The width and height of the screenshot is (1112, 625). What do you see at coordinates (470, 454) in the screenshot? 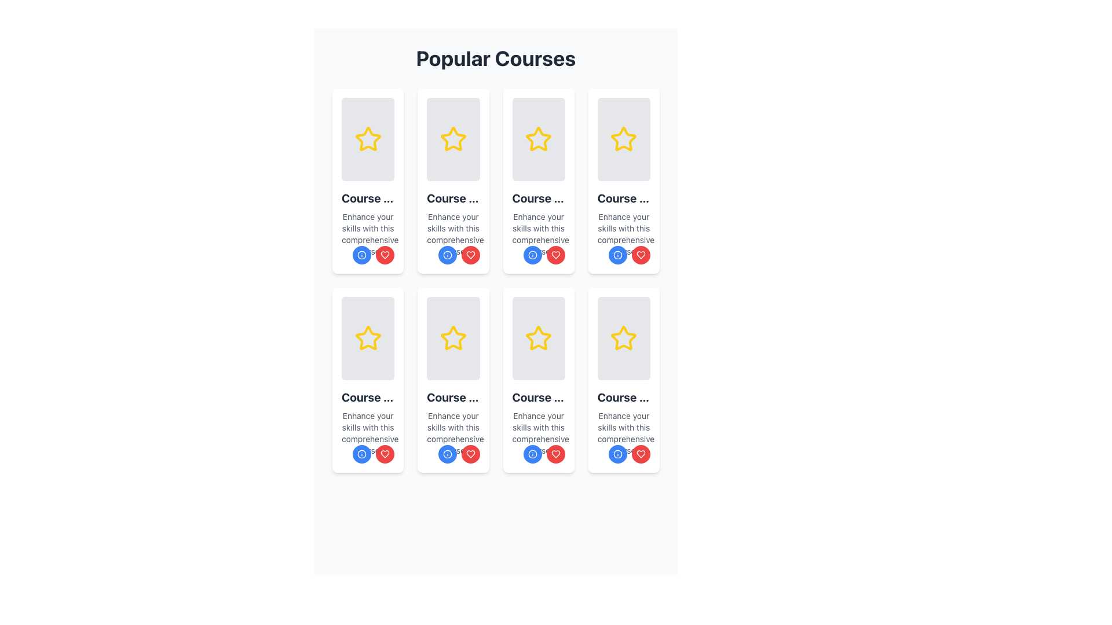
I see `the circular button with a red background and white heart icon located in the bottom-right corner of the 'Popular Courses' card` at bounding box center [470, 454].